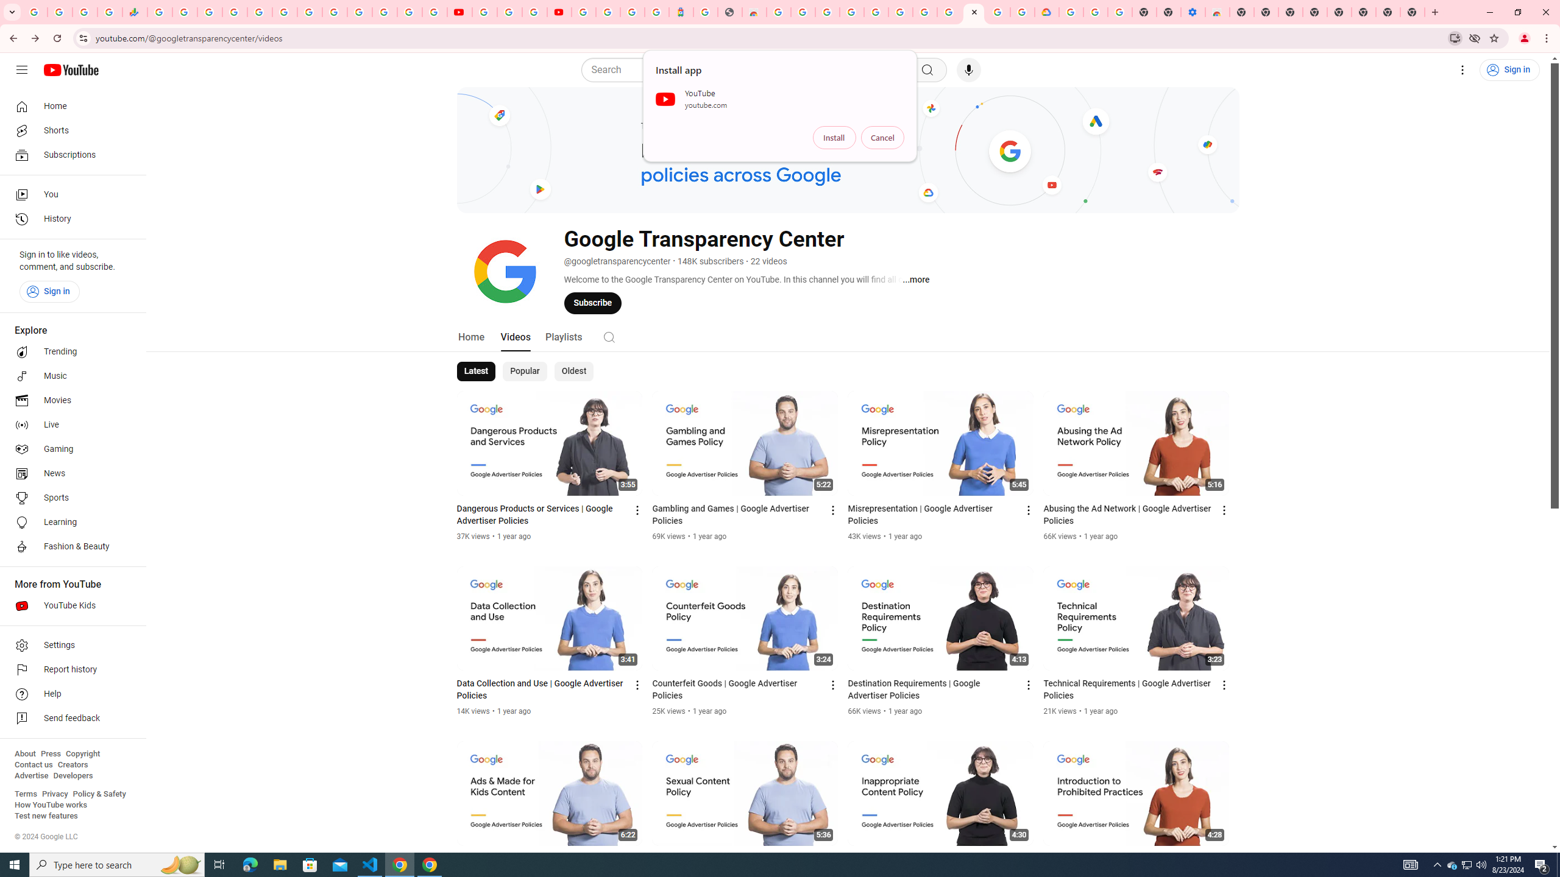  Describe the element at coordinates (50, 753) in the screenshot. I see `'Press'` at that location.